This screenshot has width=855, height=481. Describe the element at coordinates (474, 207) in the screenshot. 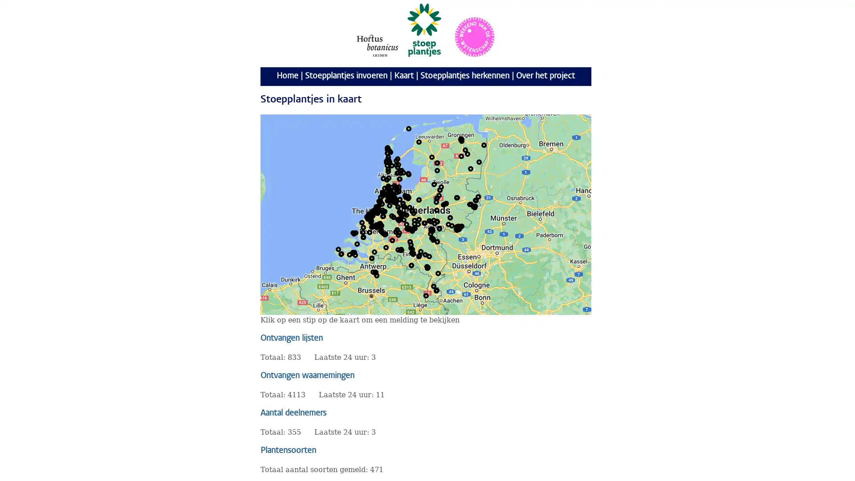

I see `Telling van Marcel Meijer Hof op 19 januari 2022` at that location.